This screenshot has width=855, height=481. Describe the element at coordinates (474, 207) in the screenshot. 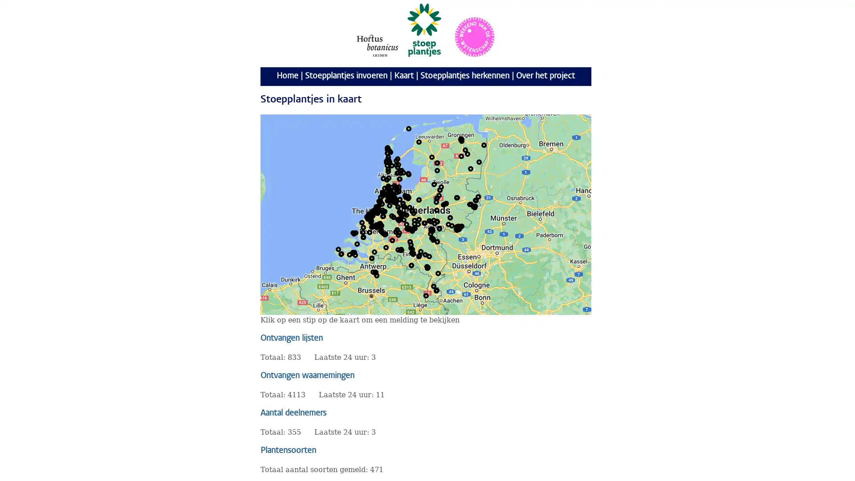

I see `Telling van Marcel Meijer Hof op 19 januari 2022` at that location.